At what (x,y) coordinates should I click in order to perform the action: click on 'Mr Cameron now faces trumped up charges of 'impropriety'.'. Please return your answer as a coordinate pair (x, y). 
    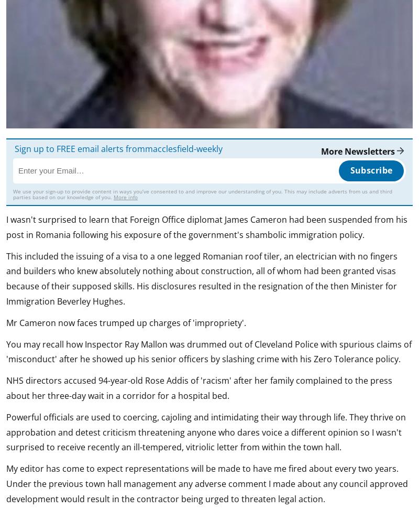
    Looking at the image, I should click on (6, 322).